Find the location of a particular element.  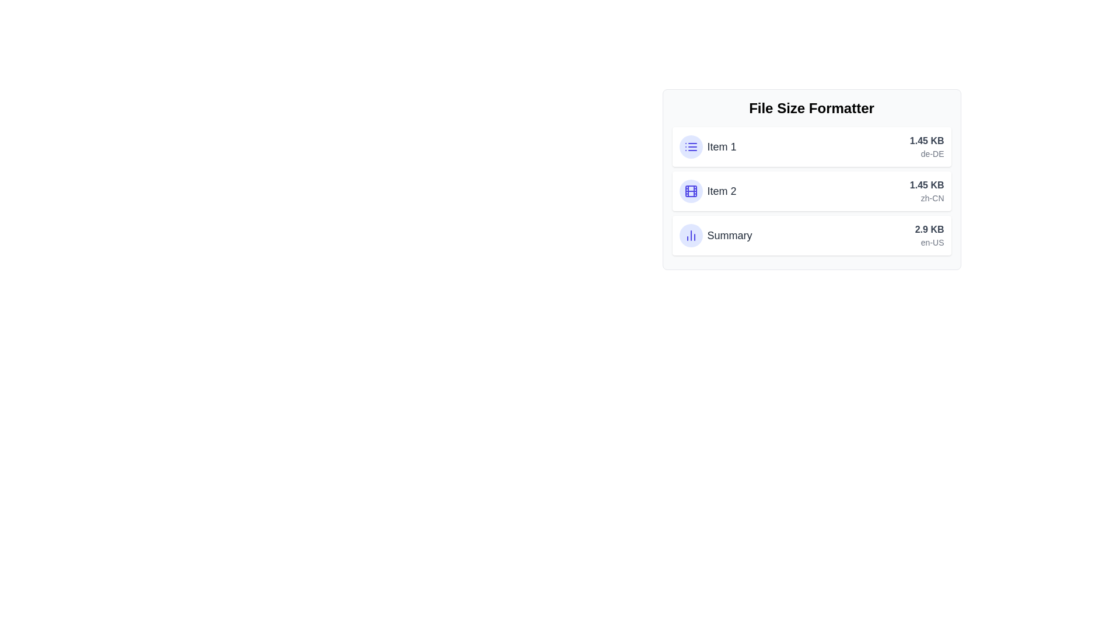

the circular icon with a light indigo background and a list icon inside, located to the left of the list item labeled 'Item 1' is located at coordinates (691, 146).